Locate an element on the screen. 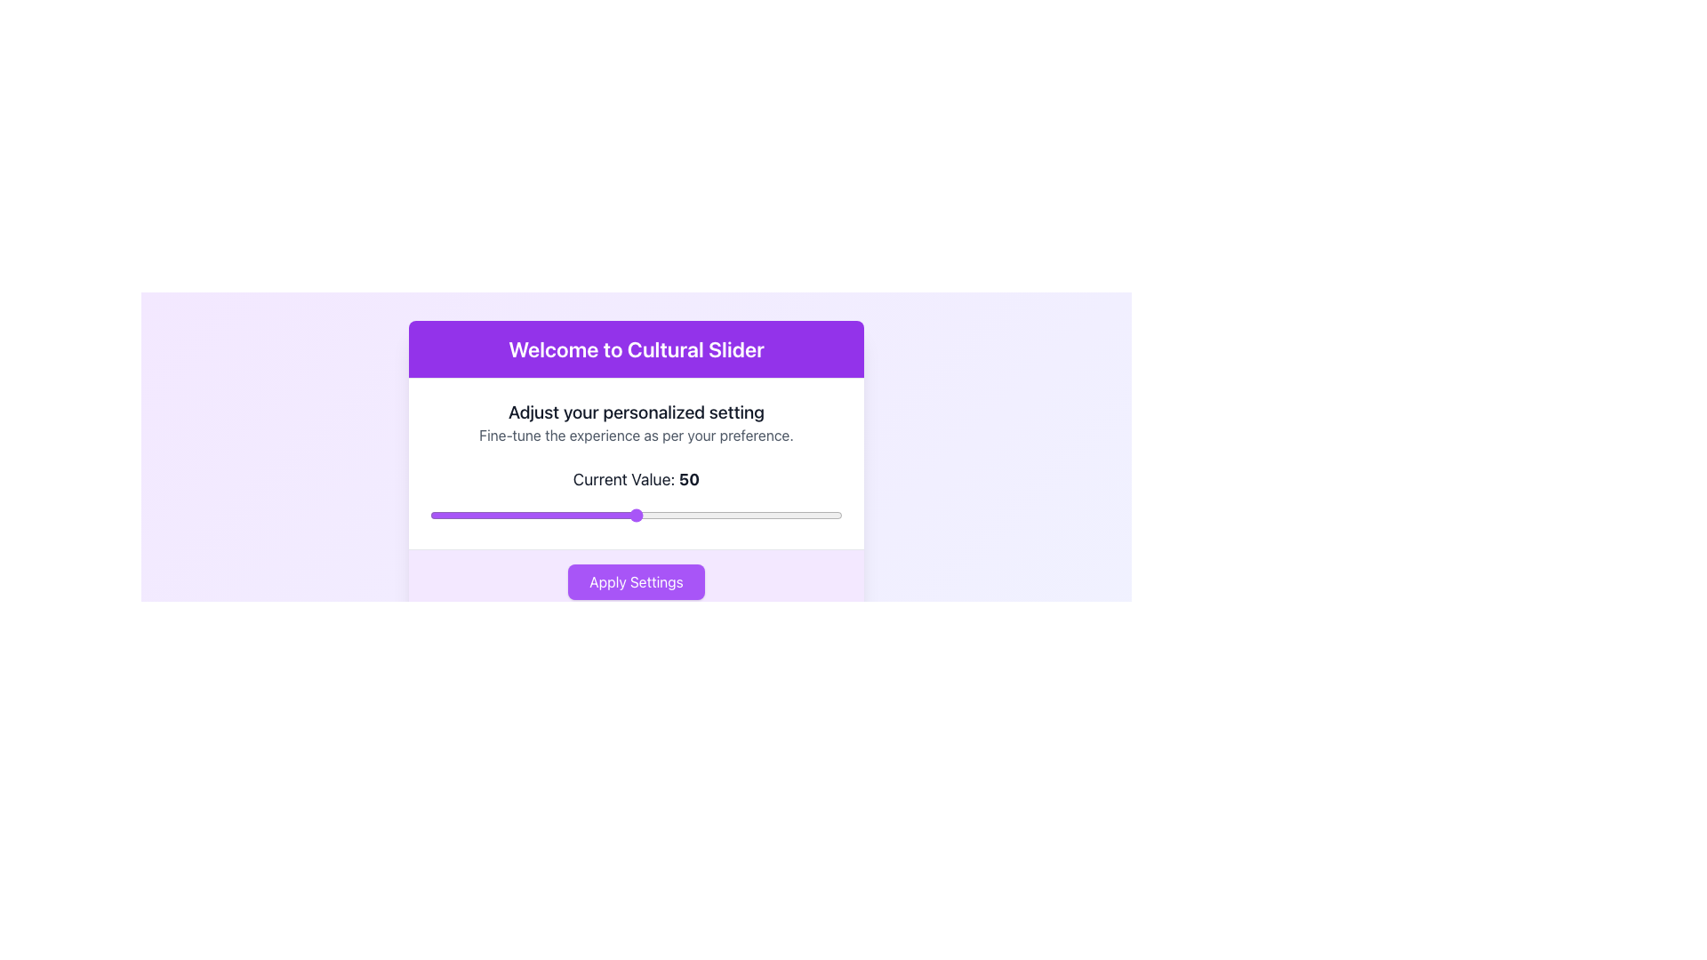 The height and width of the screenshot is (960, 1707). slider value is located at coordinates (438, 515).